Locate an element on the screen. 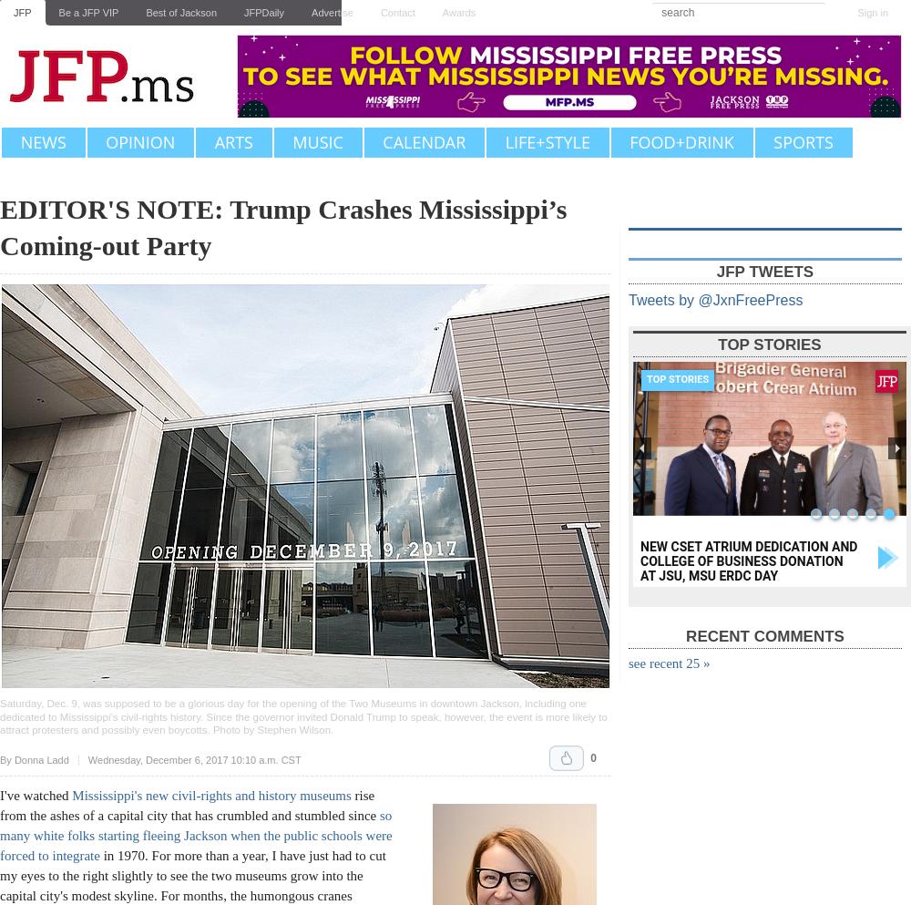 This screenshot has width=911, height=905. 'Recent Comments' is located at coordinates (763, 635).